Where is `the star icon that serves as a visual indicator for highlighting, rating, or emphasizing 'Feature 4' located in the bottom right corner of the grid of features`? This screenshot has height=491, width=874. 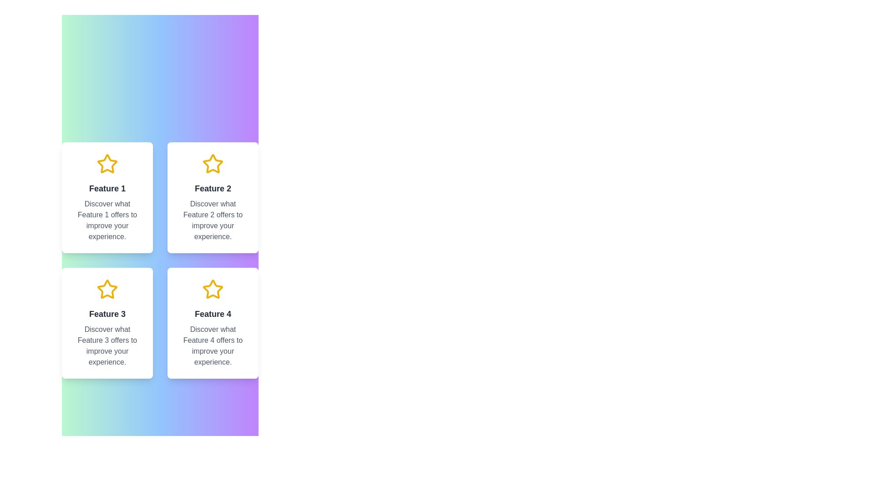 the star icon that serves as a visual indicator for highlighting, rating, or emphasizing 'Feature 4' located in the bottom right corner of the grid of features is located at coordinates (212, 289).